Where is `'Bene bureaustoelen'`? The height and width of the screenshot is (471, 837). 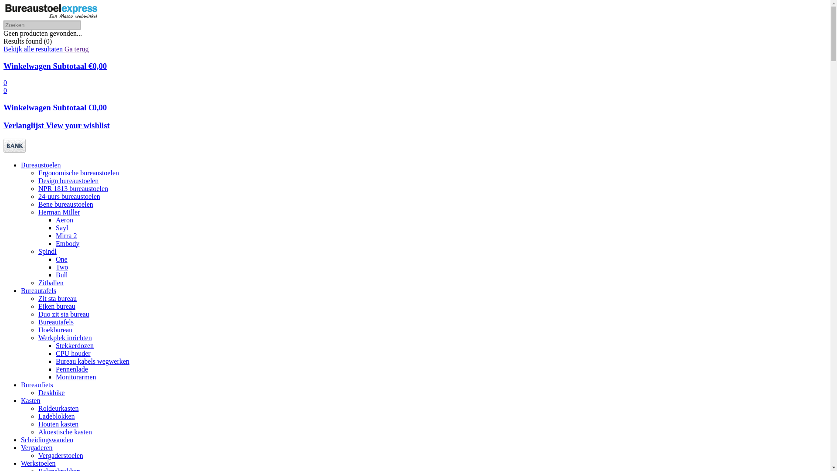
'Bene bureaustoelen' is located at coordinates (37, 204).